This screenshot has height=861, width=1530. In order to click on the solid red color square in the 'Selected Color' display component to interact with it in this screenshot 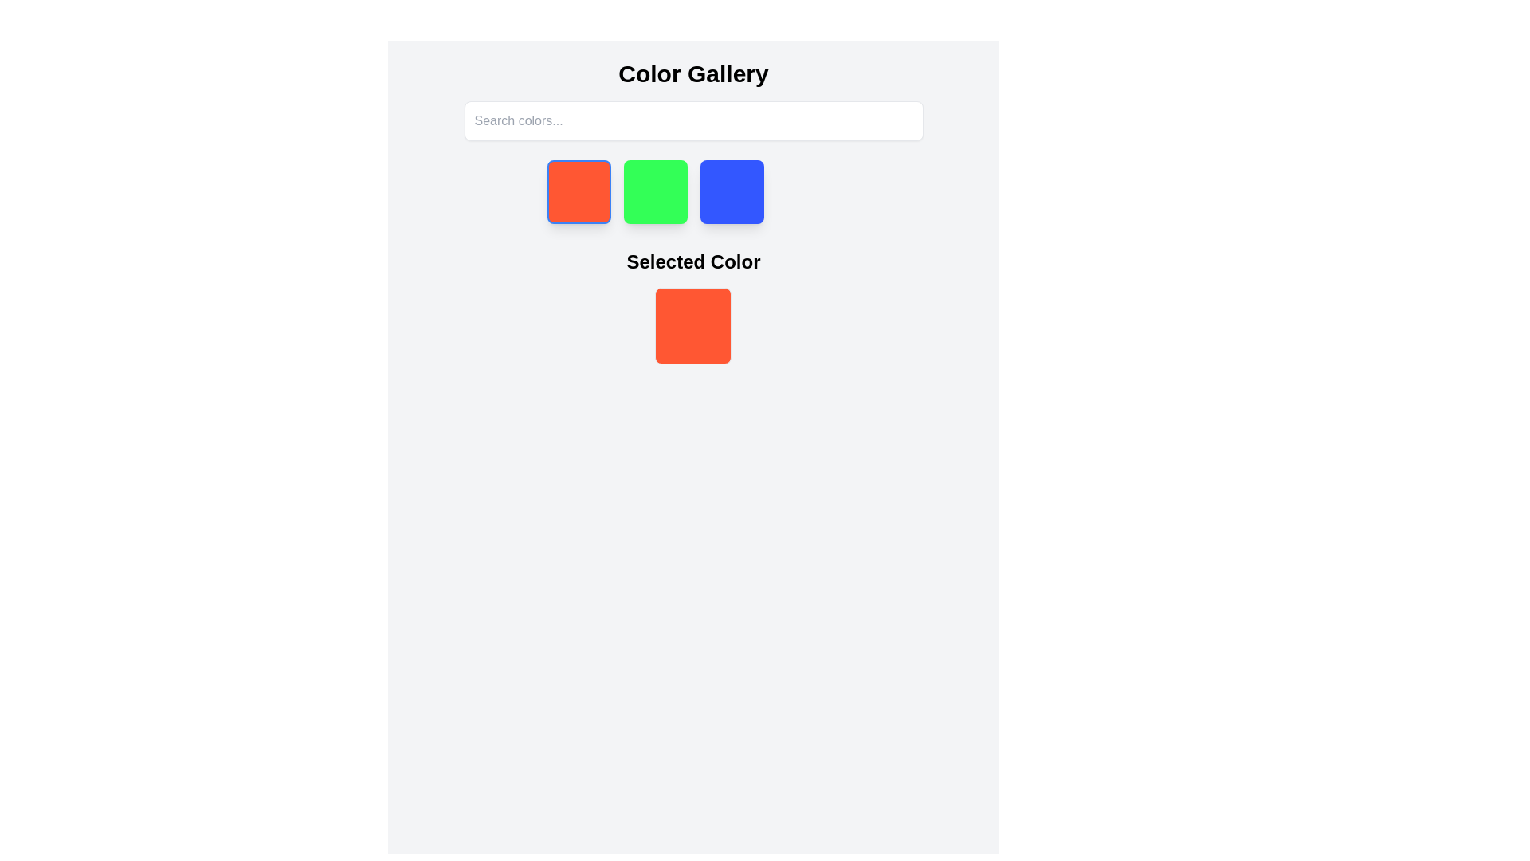, I will do `click(693, 307)`.